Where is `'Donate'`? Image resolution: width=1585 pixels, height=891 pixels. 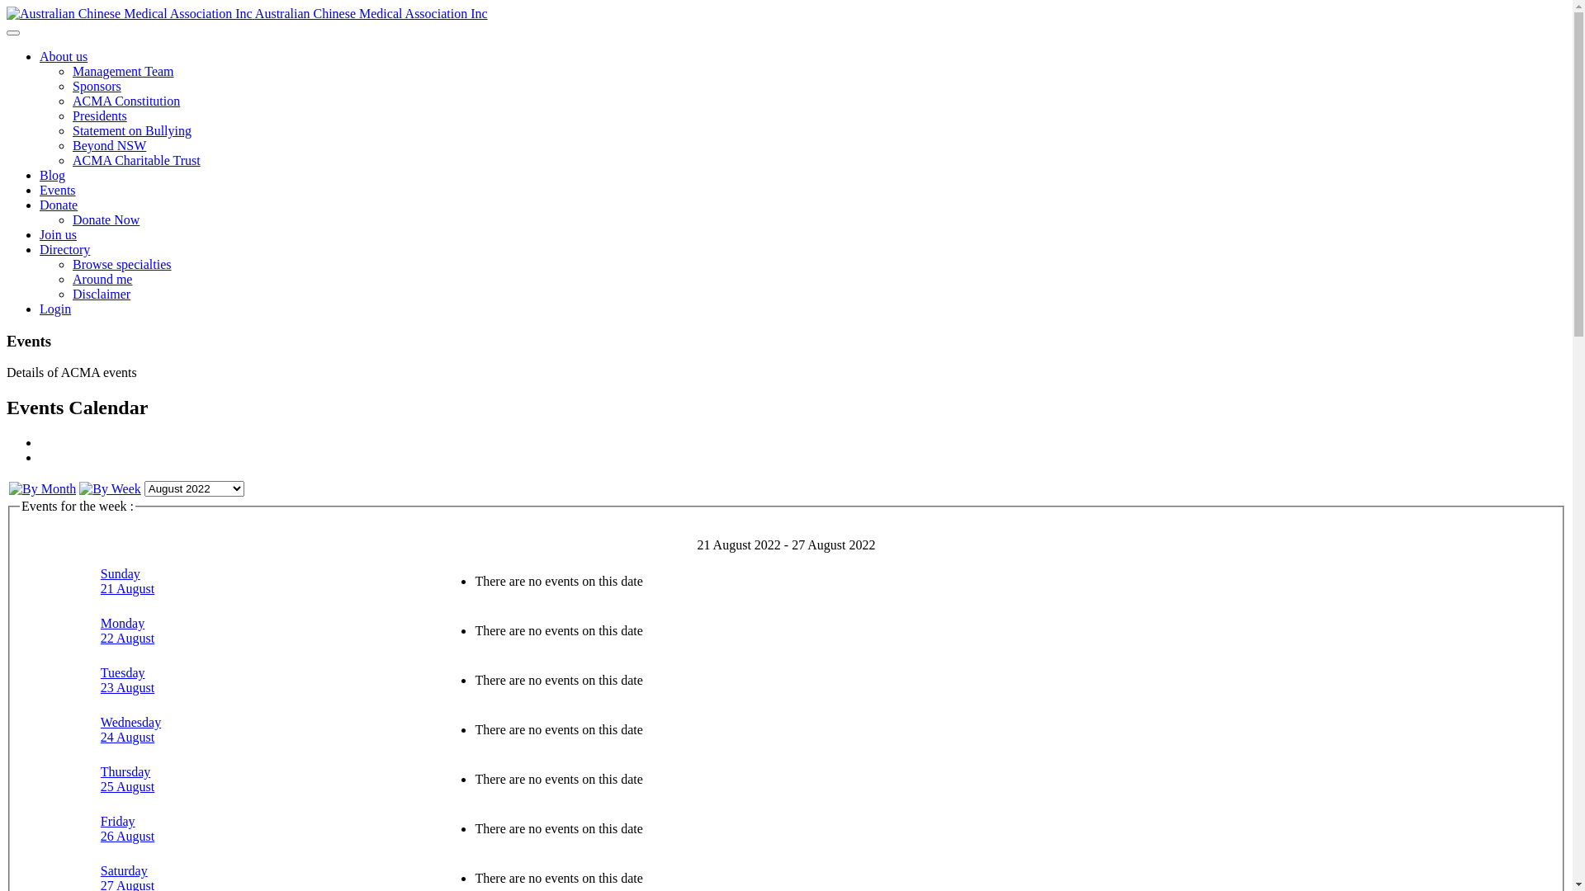 'Donate' is located at coordinates (59, 204).